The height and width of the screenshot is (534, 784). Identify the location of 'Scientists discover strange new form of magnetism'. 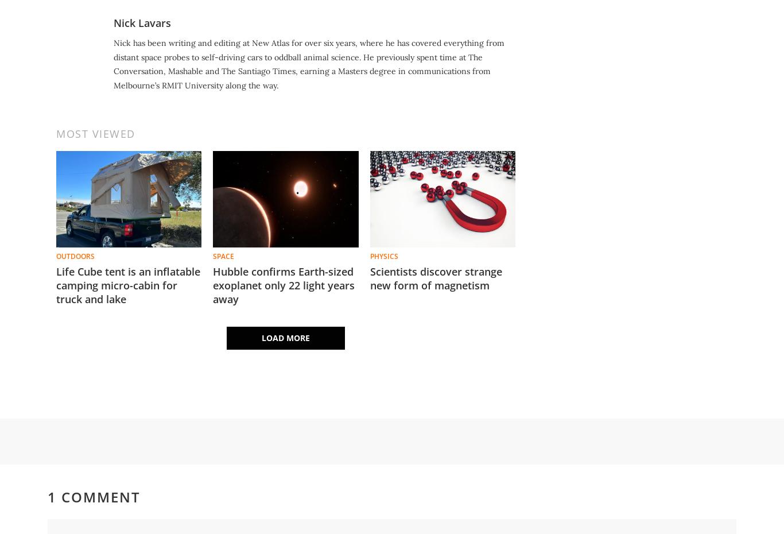
(435, 277).